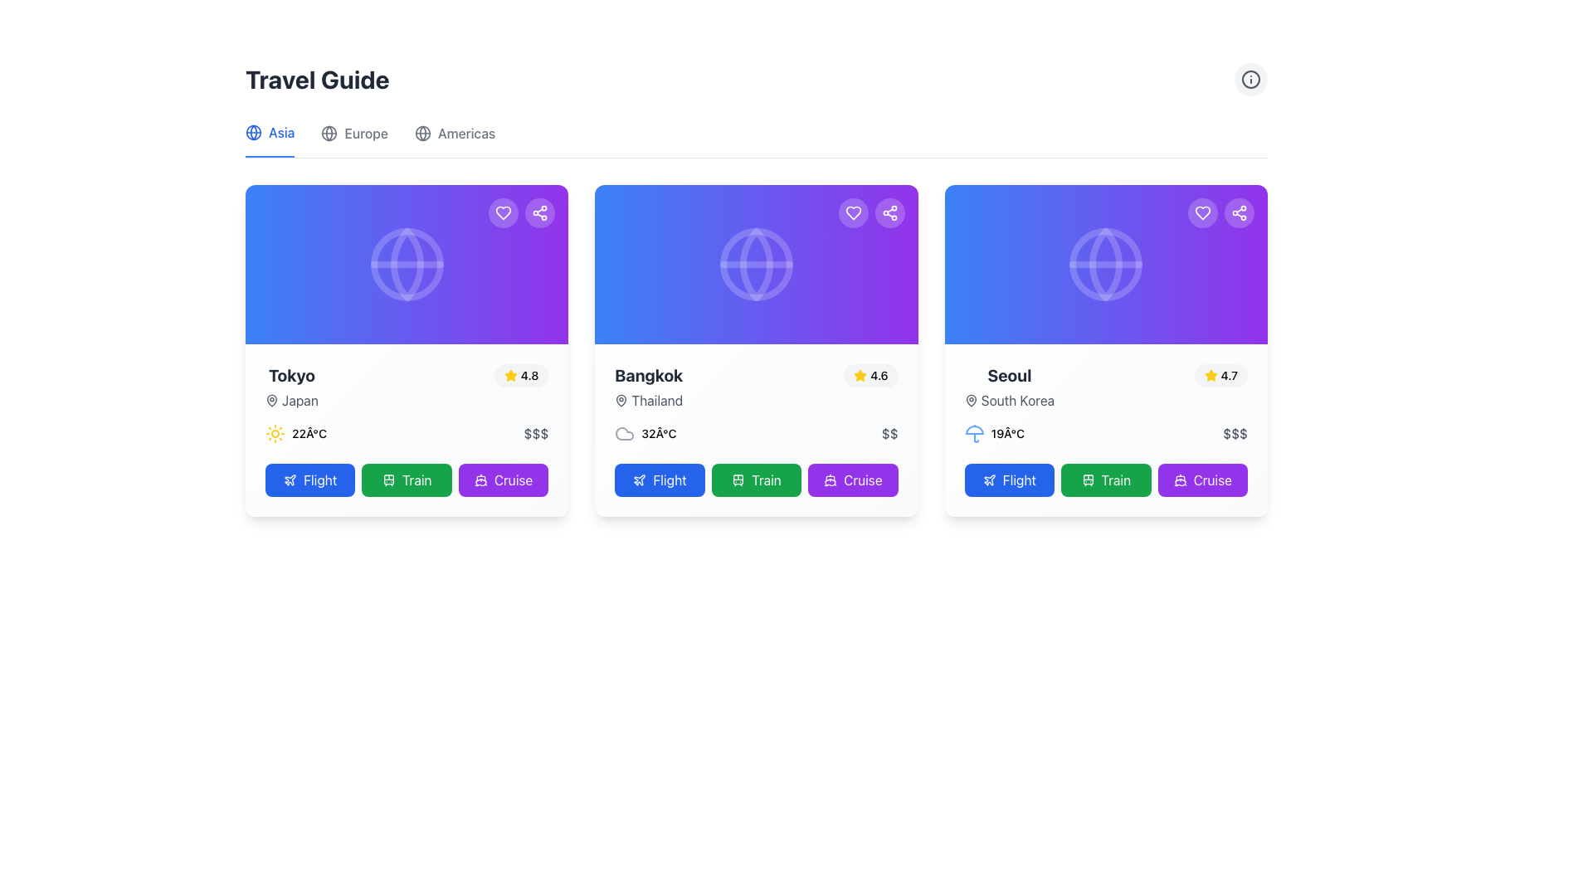 The image size is (1593, 896). What do you see at coordinates (659, 480) in the screenshot?
I see `the leftmost button labeled 'Flight' in the group of travel options below the 'Bangkok' travel card` at bounding box center [659, 480].